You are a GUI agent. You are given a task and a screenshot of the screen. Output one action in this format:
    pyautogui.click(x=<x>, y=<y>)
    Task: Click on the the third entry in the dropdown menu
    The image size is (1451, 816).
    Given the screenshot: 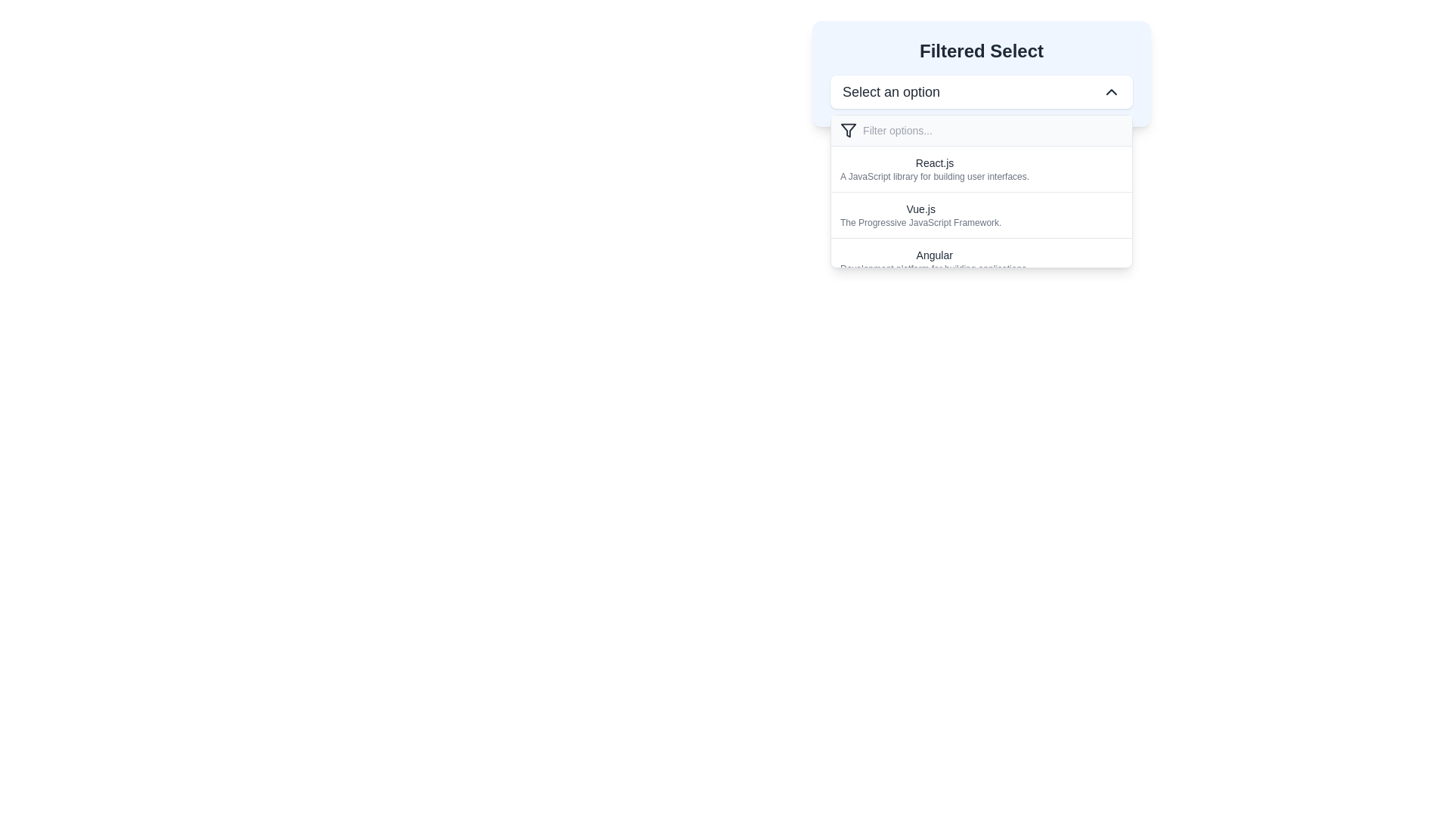 What is the action you would take?
    pyautogui.click(x=982, y=259)
    